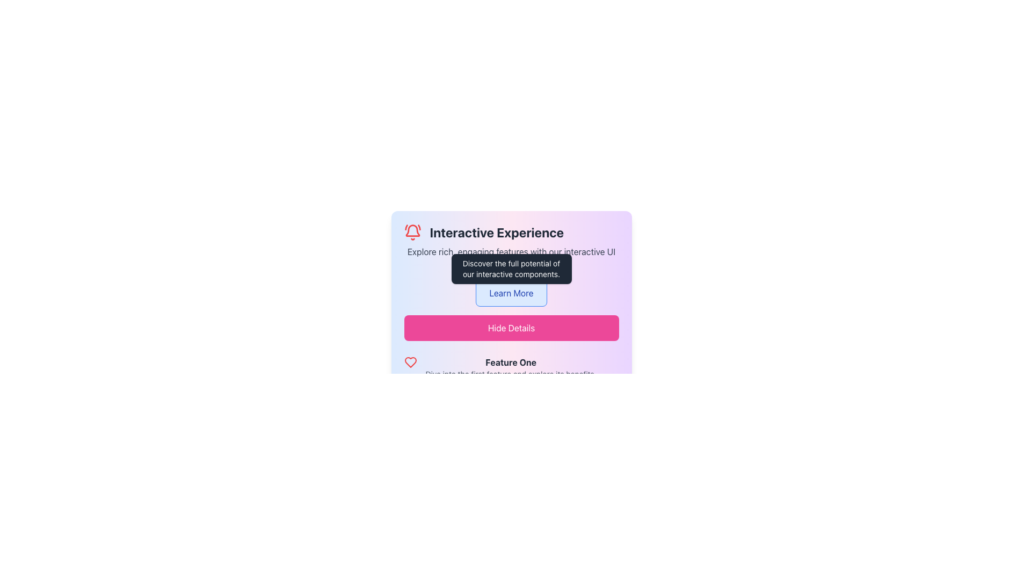  I want to click on the title or icon of the informational display section for 'Feature One' located near the bottom of the visible panel, just underneath the 'Hide Details' button, so click(511, 367).